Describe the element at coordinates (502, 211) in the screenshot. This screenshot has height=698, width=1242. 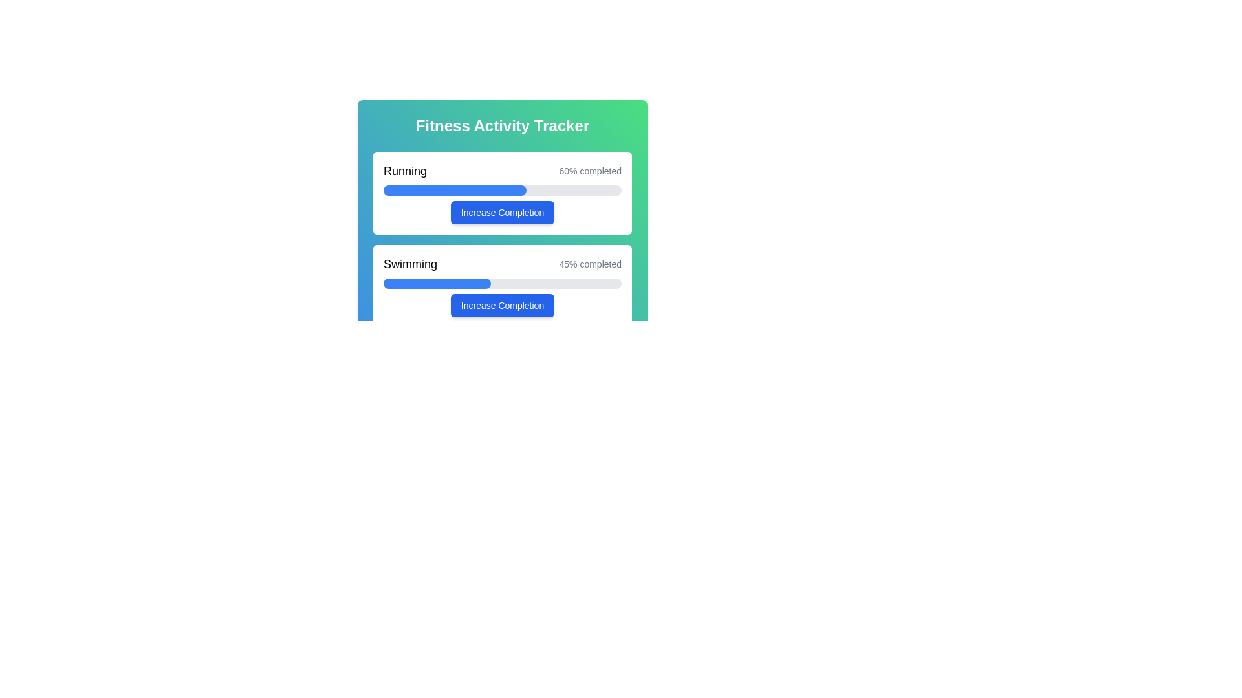
I see `the 'Increase Completion' button, which is a blue rectangular button with white text, located beneath the progress bar indicating '60% completed'` at that location.